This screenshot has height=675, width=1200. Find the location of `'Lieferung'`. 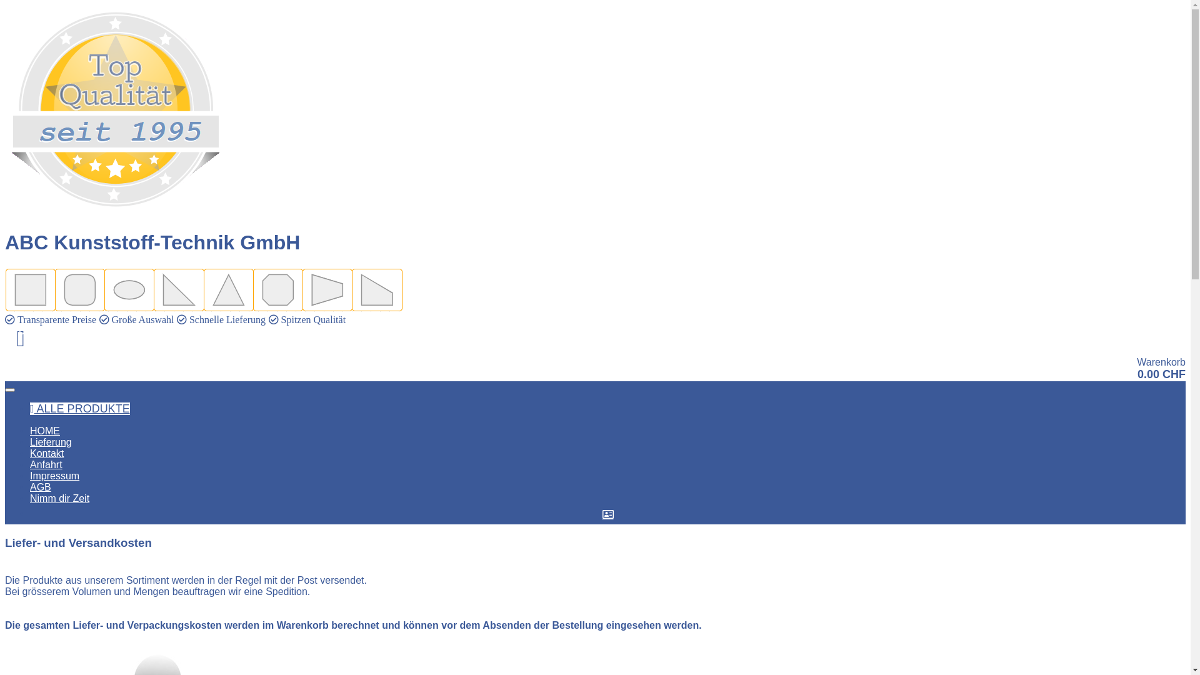

'Lieferung' is located at coordinates (50, 441).